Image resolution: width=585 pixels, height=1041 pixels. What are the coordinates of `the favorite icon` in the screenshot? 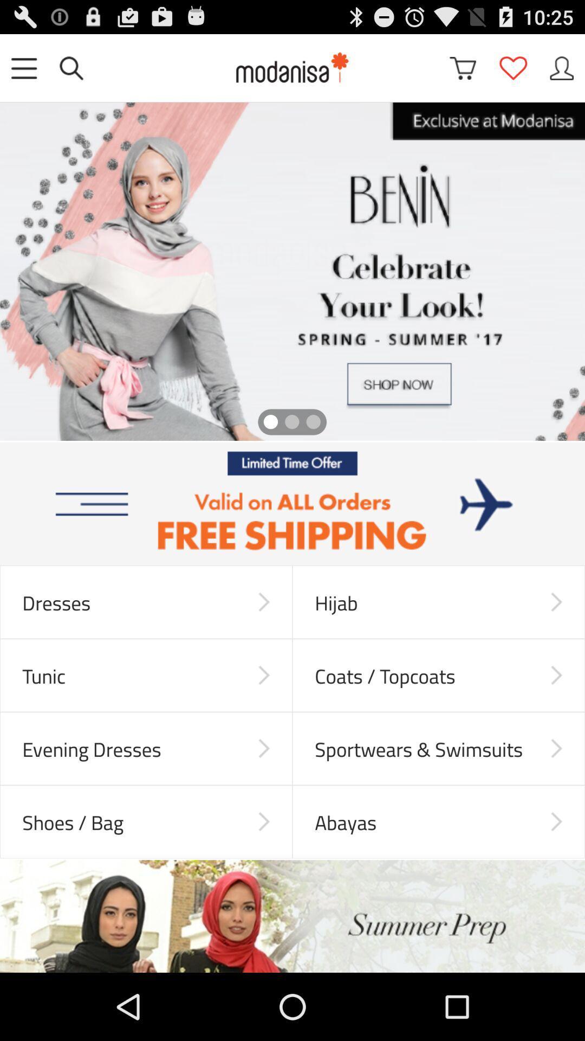 It's located at (512, 72).